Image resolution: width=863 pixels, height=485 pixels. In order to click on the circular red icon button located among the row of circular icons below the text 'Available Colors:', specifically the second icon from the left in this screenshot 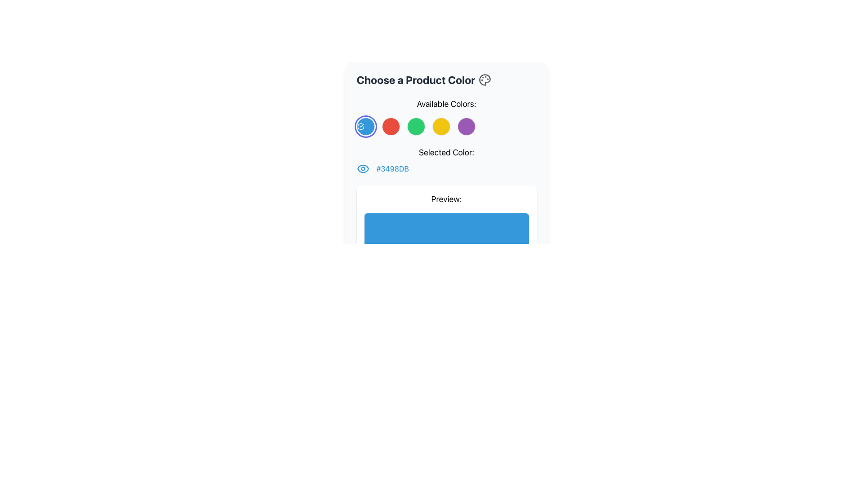, I will do `click(391, 126)`.